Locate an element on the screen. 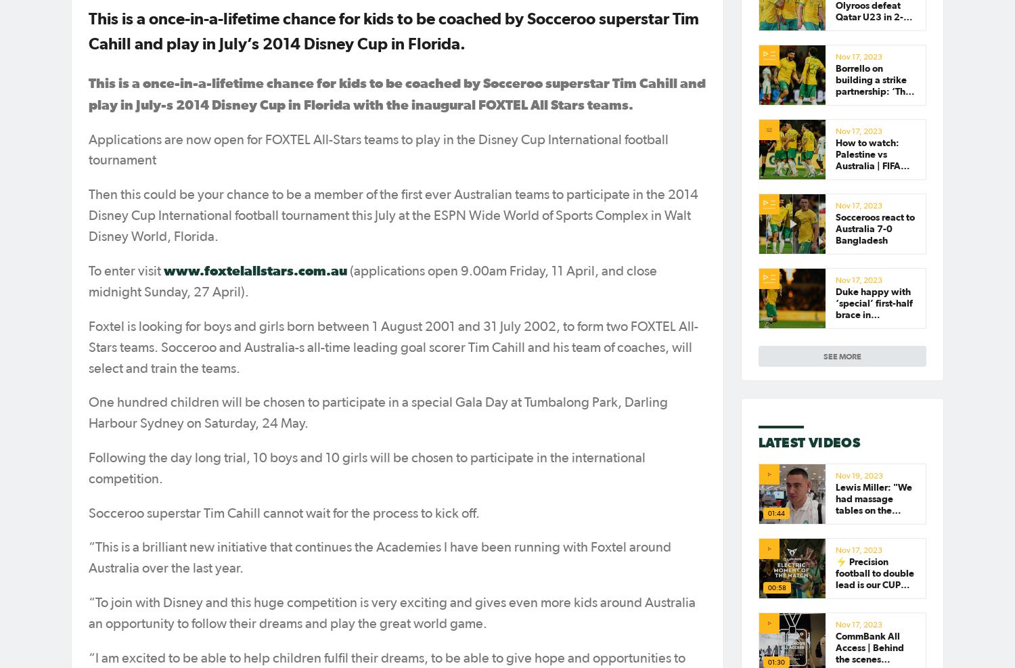 The image size is (1015, 668). 'Socceroos react to Australia 7-0 Bangladesh' is located at coordinates (875, 227).